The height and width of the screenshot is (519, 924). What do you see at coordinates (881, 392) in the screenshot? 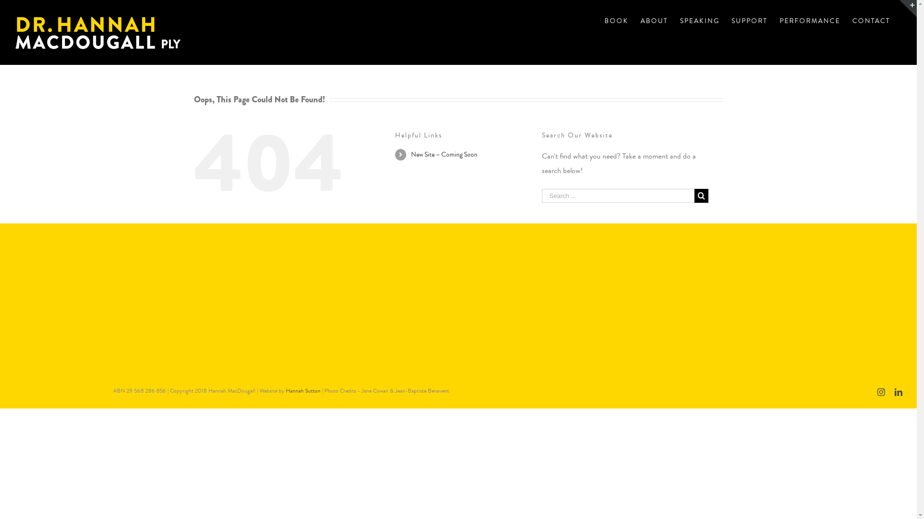
I see `'Instagram'` at bounding box center [881, 392].